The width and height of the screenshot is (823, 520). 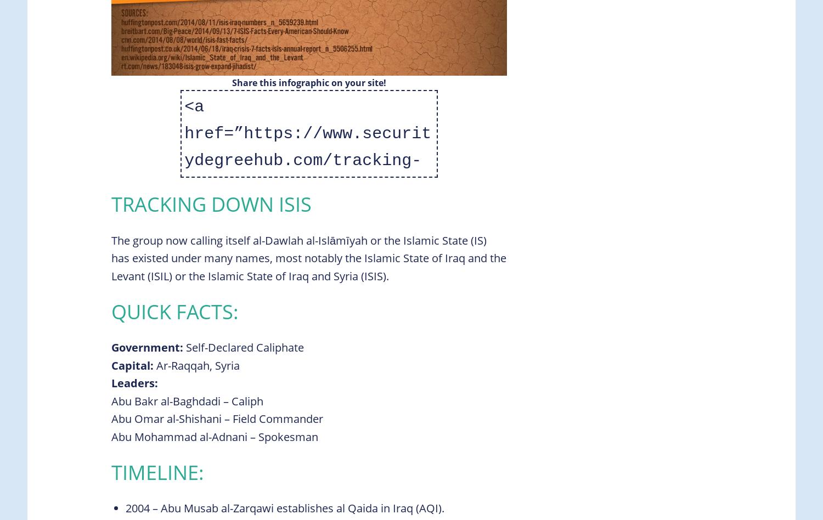 What do you see at coordinates (285, 507) in the screenshot?
I see `'2004 – Abu Musab al-Zarqawi establishes al Qaida in Iraq (AQI).'` at bounding box center [285, 507].